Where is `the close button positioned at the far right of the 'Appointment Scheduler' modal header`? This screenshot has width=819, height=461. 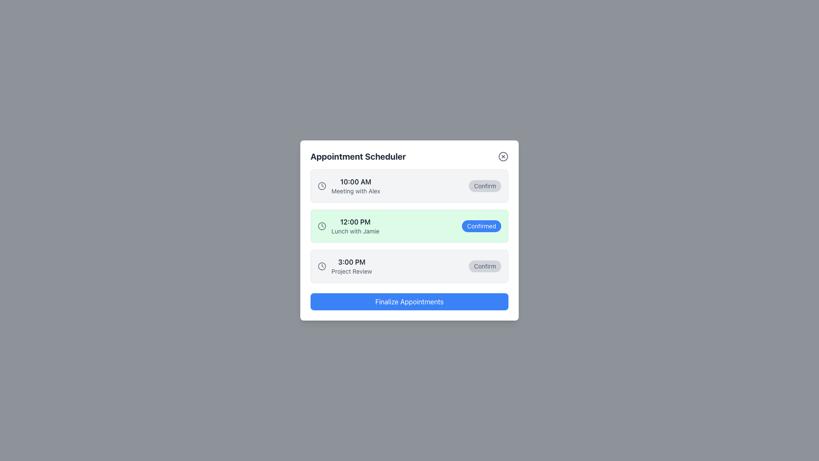 the close button positioned at the far right of the 'Appointment Scheduler' modal header is located at coordinates (503, 156).